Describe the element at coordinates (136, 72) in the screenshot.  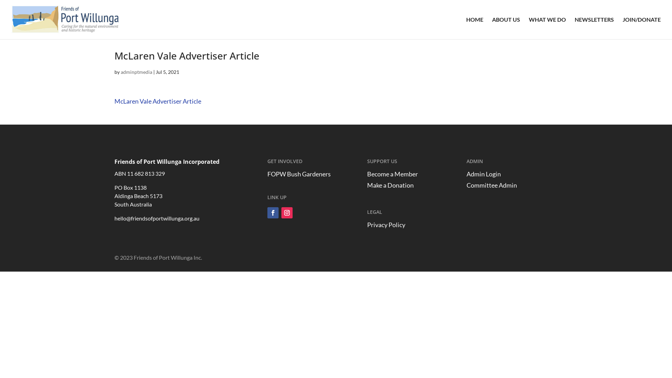
I see `'adminptmedia'` at that location.